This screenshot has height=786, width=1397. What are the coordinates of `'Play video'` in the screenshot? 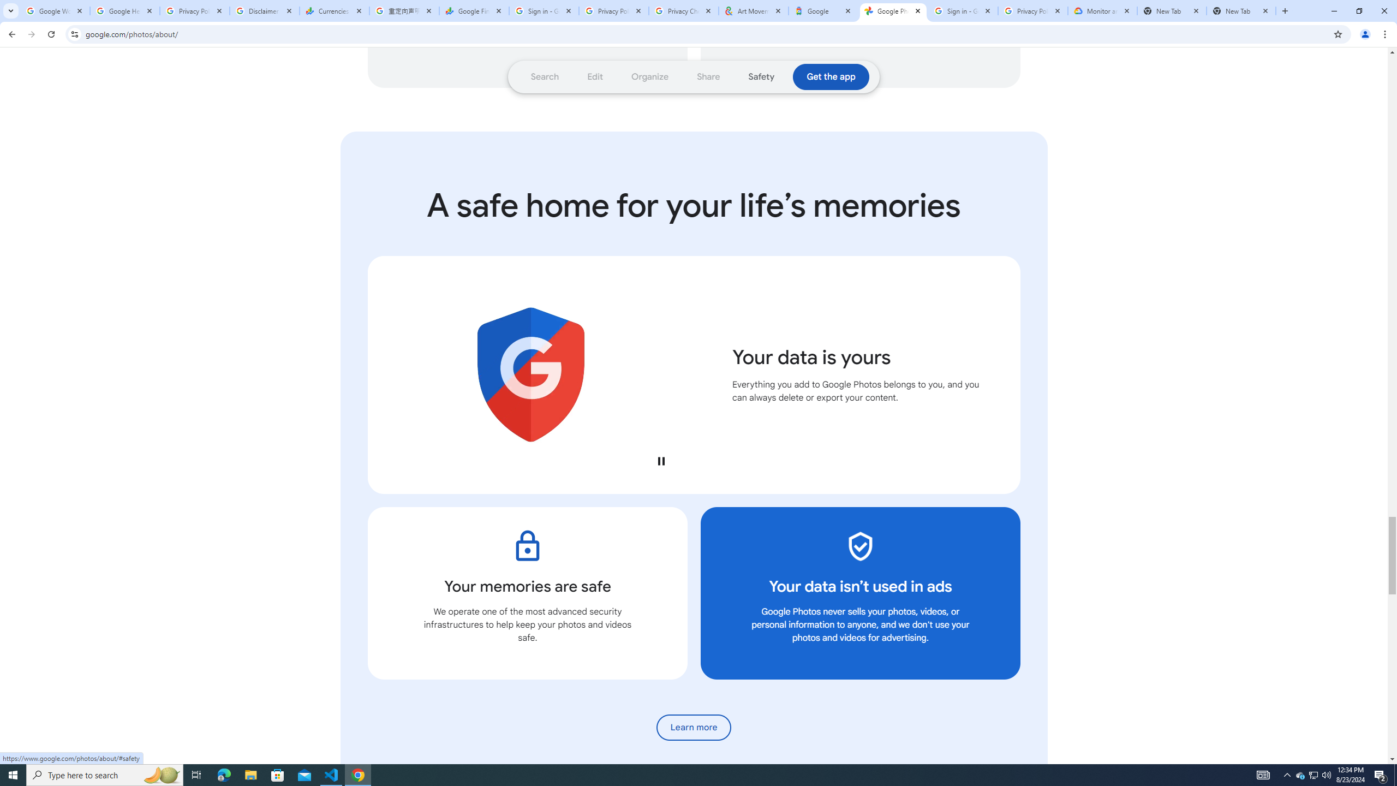 It's located at (660, 460).